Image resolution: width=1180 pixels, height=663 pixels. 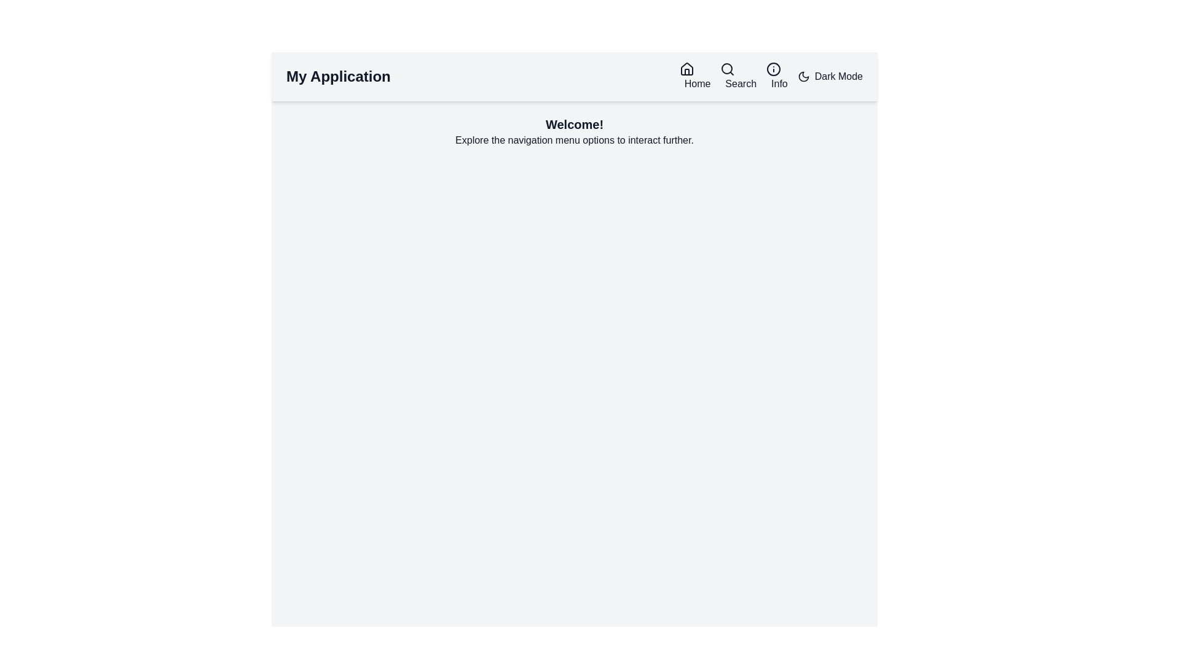 What do you see at coordinates (686, 72) in the screenshot?
I see `the door area of the house-shaped icon in the top navigation bar, which represents the 'Home' menu option` at bounding box center [686, 72].